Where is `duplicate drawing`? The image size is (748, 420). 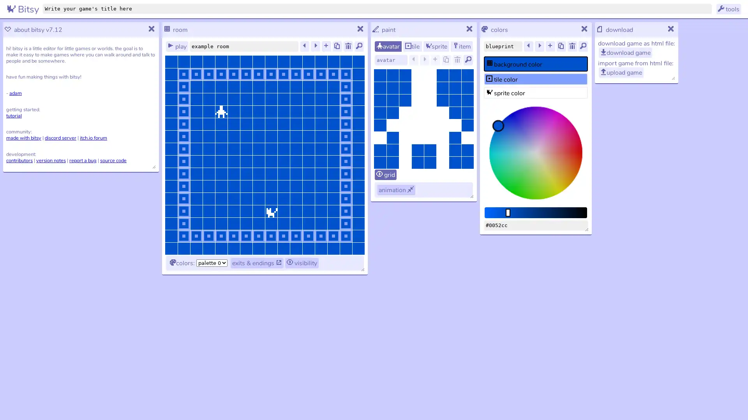 duplicate drawing is located at coordinates (446, 59).